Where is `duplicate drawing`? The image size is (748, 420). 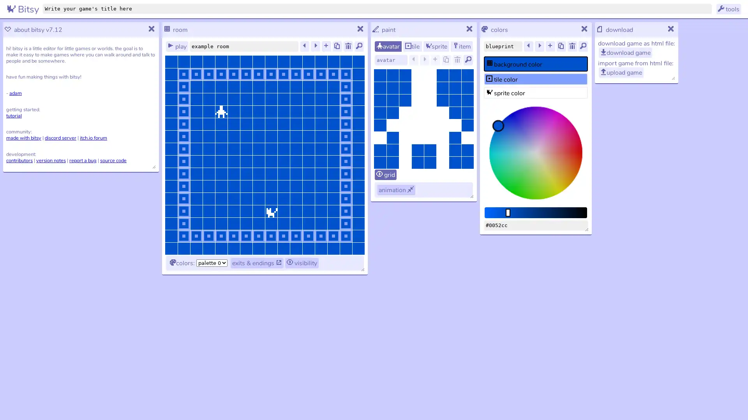 duplicate drawing is located at coordinates (446, 59).